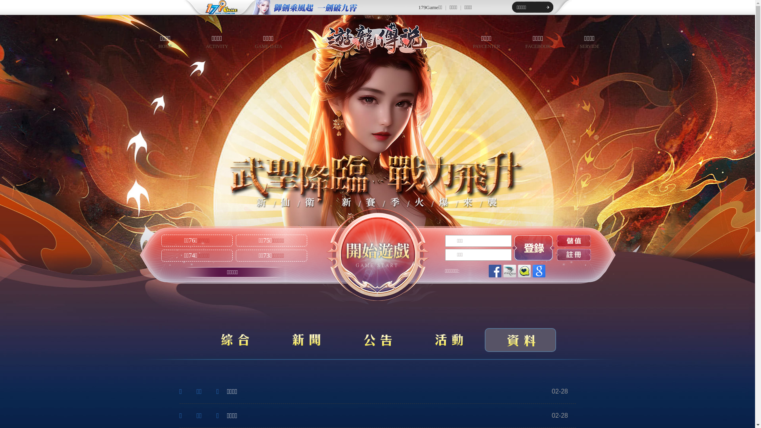  What do you see at coordinates (182, 8) in the screenshot?
I see `'179game'` at bounding box center [182, 8].